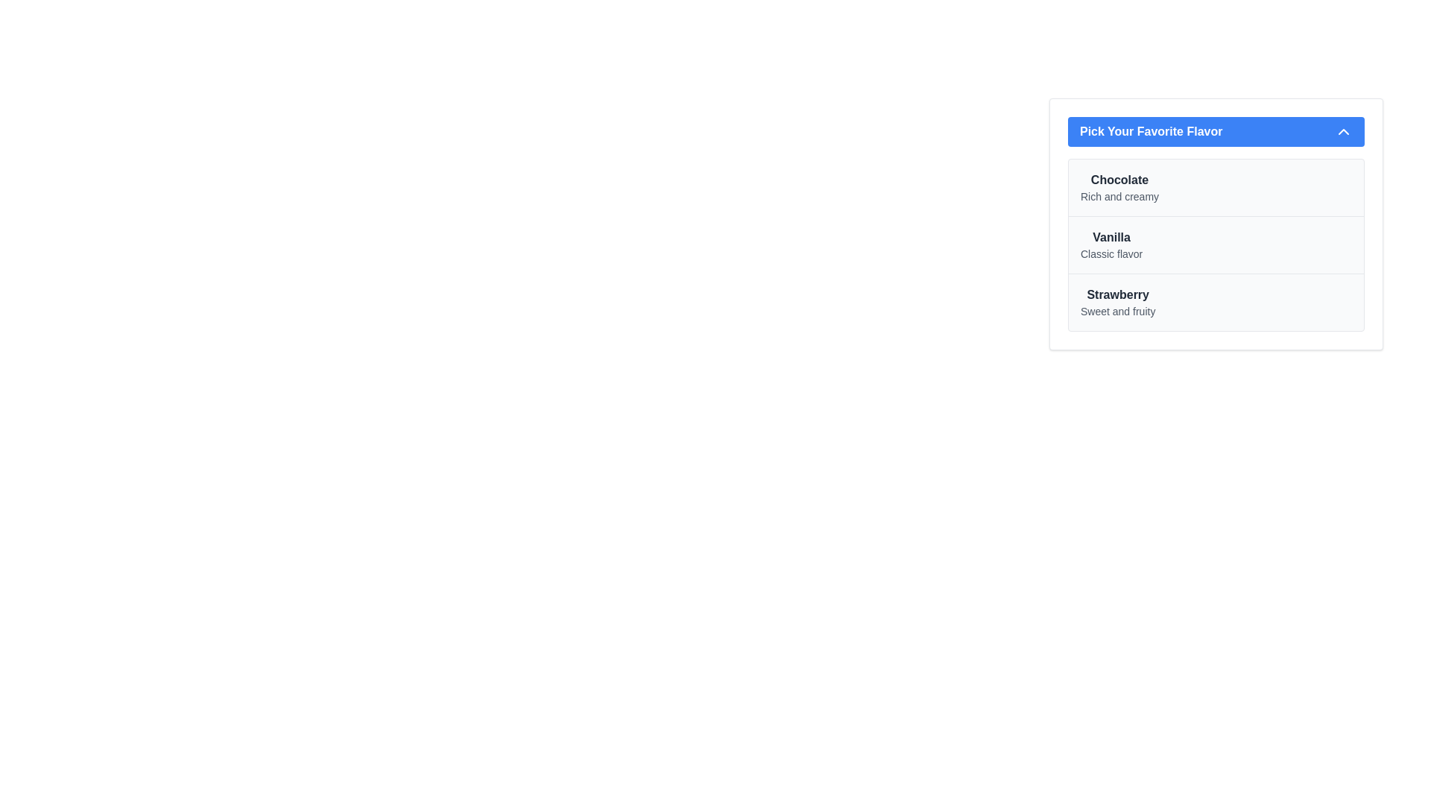  What do you see at coordinates (1119, 186) in the screenshot?
I see `the selectable option for the flavor 'Chocolate' located in the dropdown menu under 'Pick Your Favorite Flavor'` at bounding box center [1119, 186].